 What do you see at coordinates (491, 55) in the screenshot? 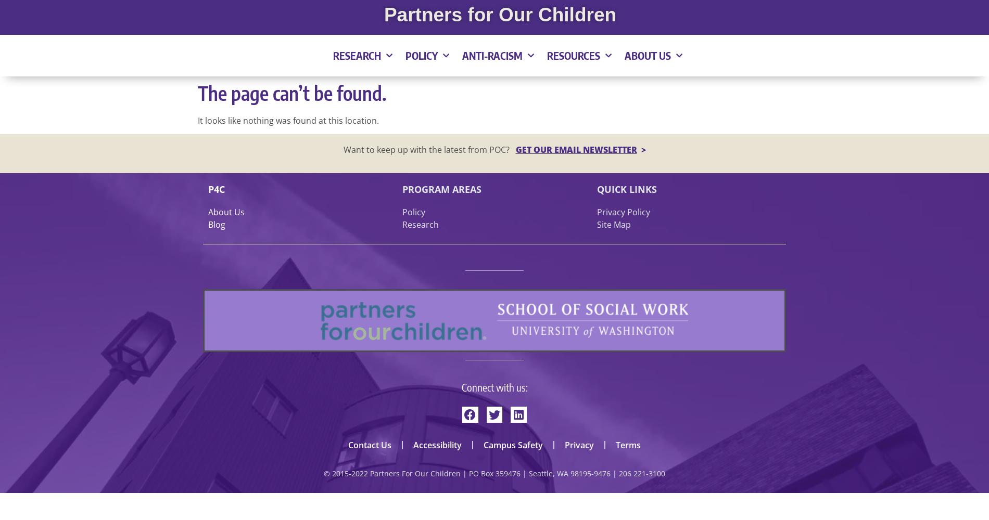
I see `'Anti-racism'` at bounding box center [491, 55].